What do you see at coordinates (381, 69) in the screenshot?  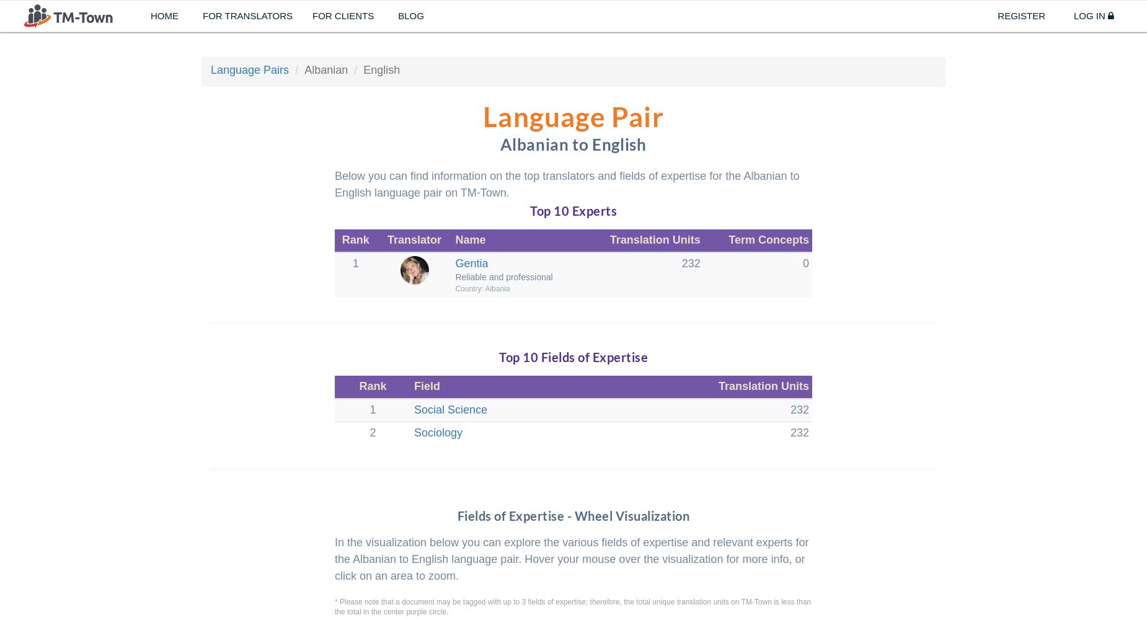 I see `'English'` at bounding box center [381, 69].